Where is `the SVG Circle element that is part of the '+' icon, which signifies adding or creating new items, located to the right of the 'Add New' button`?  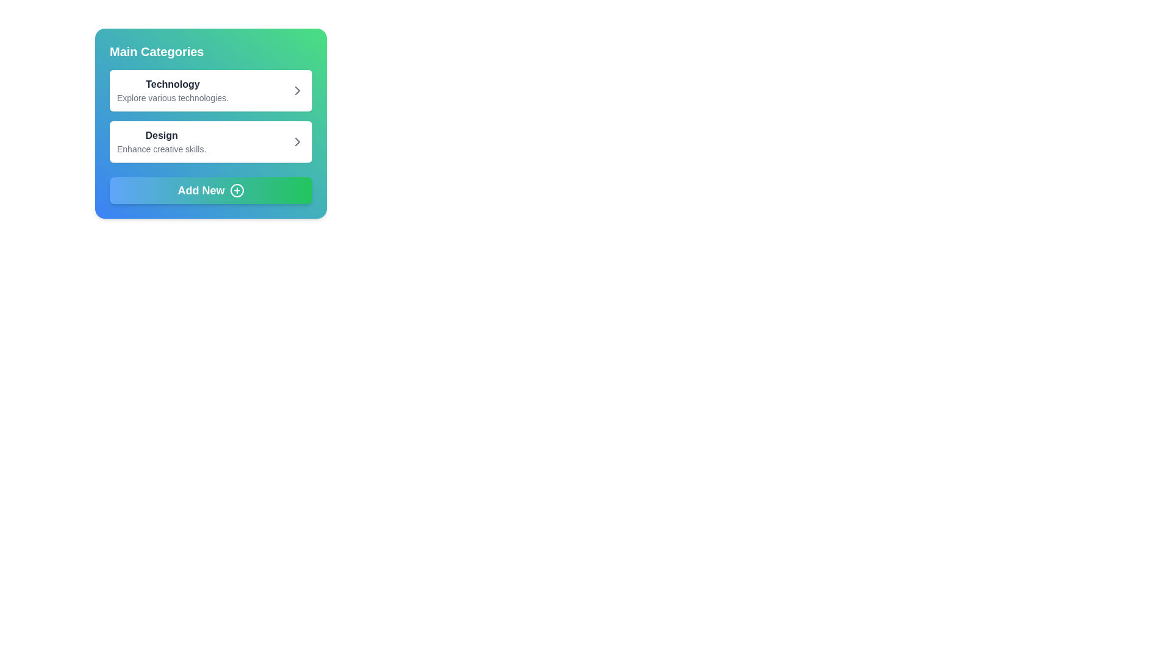 the SVG Circle element that is part of the '+' icon, which signifies adding or creating new items, located to the right of the 'Add New' button is located at coordinates (237, 190).